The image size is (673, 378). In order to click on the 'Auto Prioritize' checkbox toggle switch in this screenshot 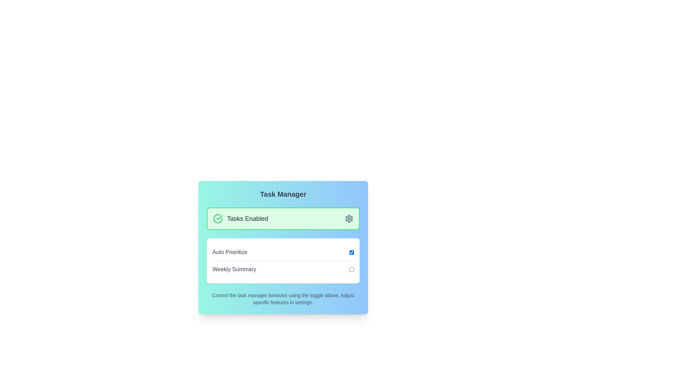, I will do `click(352, 252)`.